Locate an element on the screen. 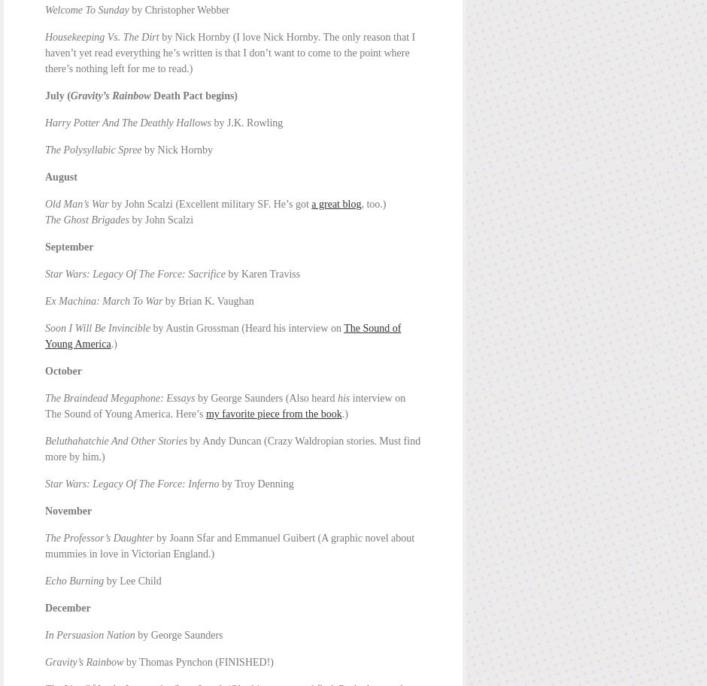 The image size is (707, 686). 'by Brian K. Vaughan' is located at coordinates (207, 301).